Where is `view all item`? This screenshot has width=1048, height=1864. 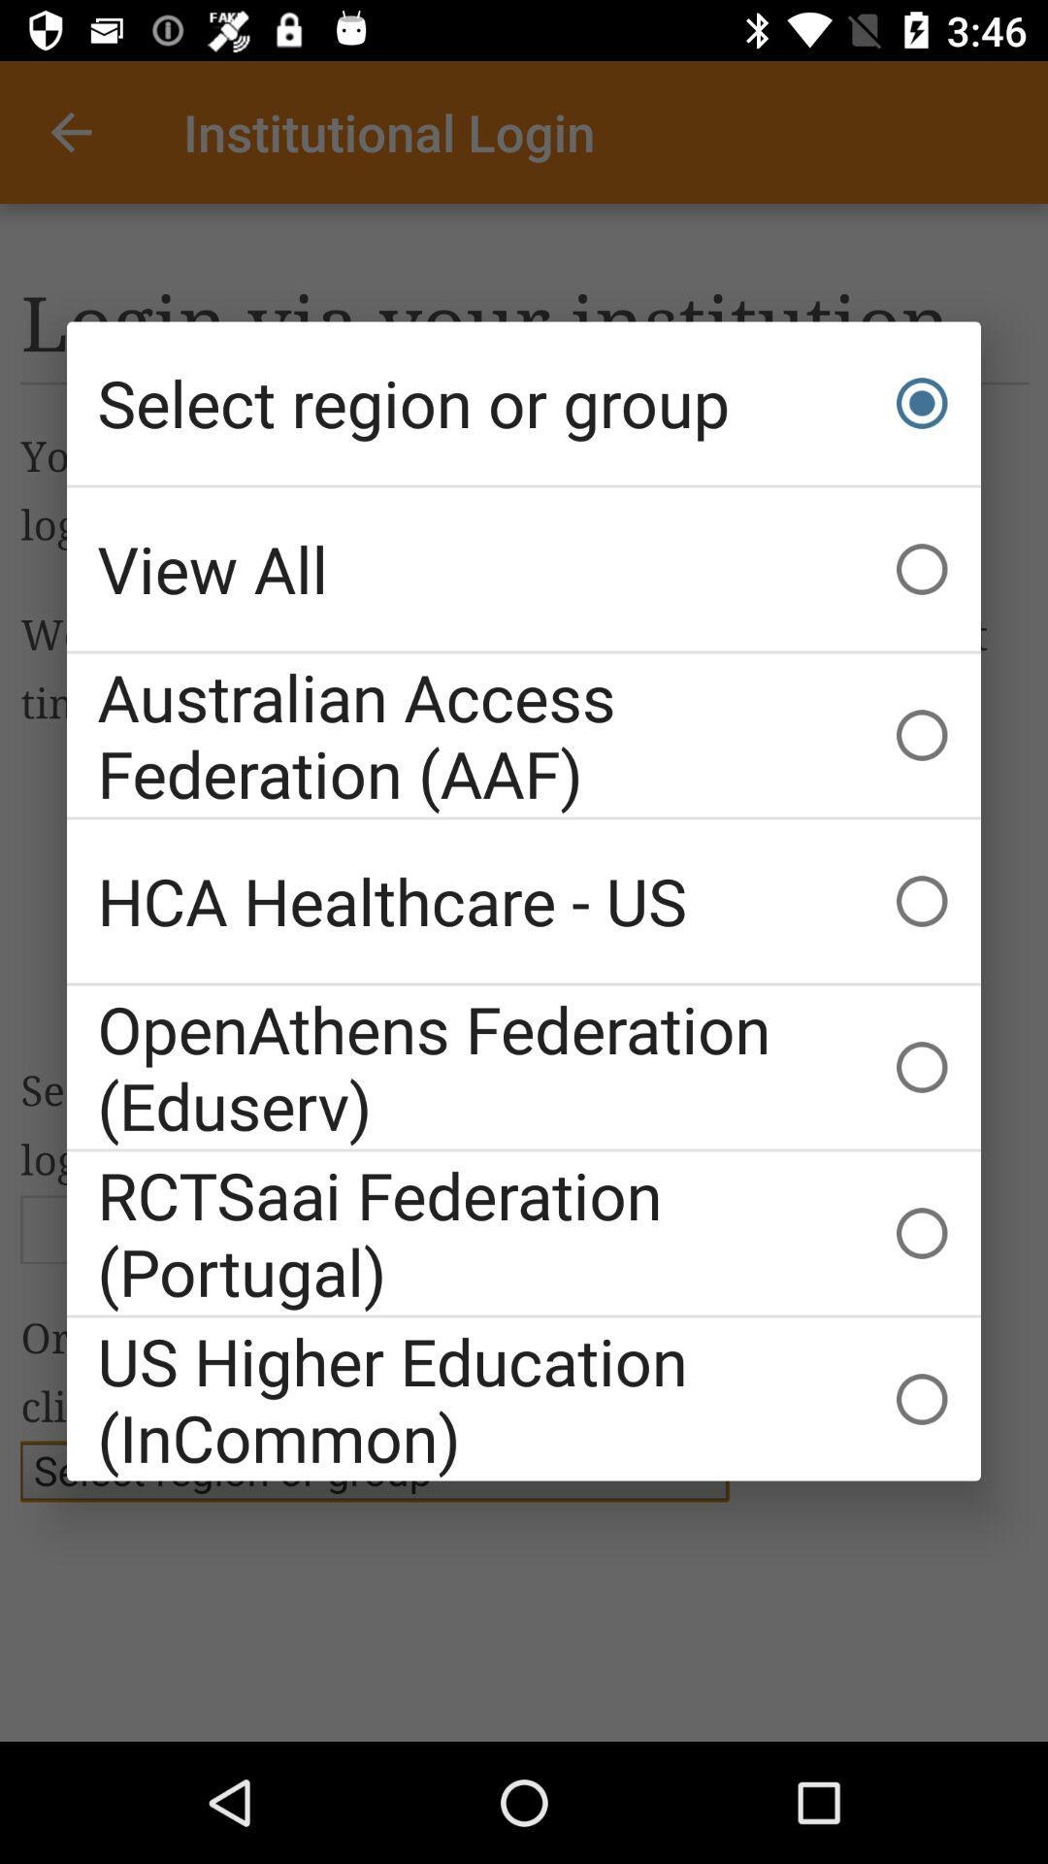
view all item is located at coordinates (524, 568).